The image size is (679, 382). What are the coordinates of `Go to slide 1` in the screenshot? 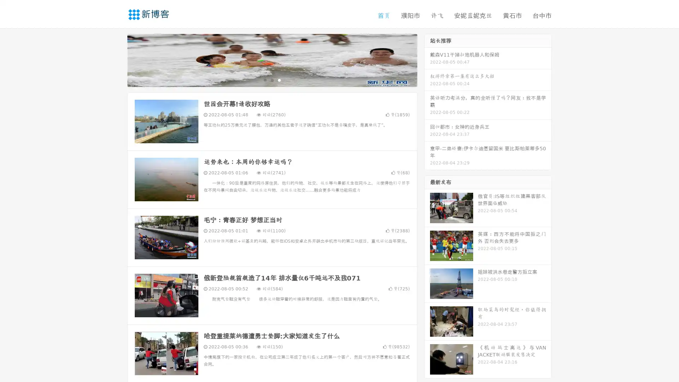 It's located at (265, 80).